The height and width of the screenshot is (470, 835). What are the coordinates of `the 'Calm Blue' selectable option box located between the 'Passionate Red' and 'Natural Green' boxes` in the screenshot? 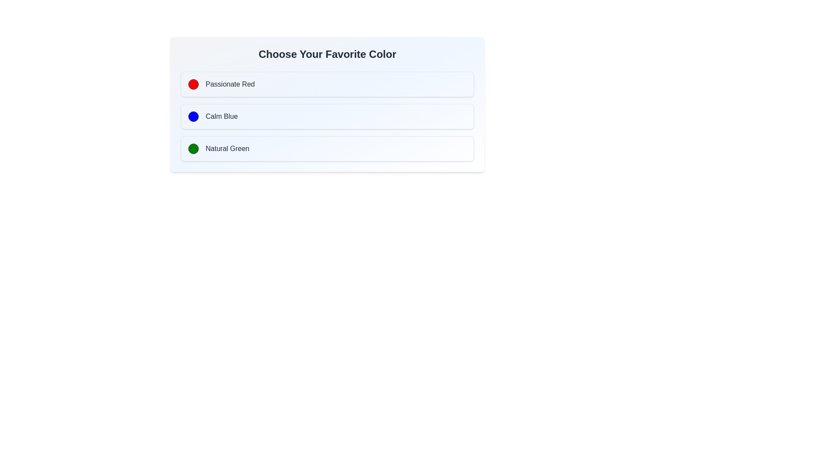 It's located at (327, 116).